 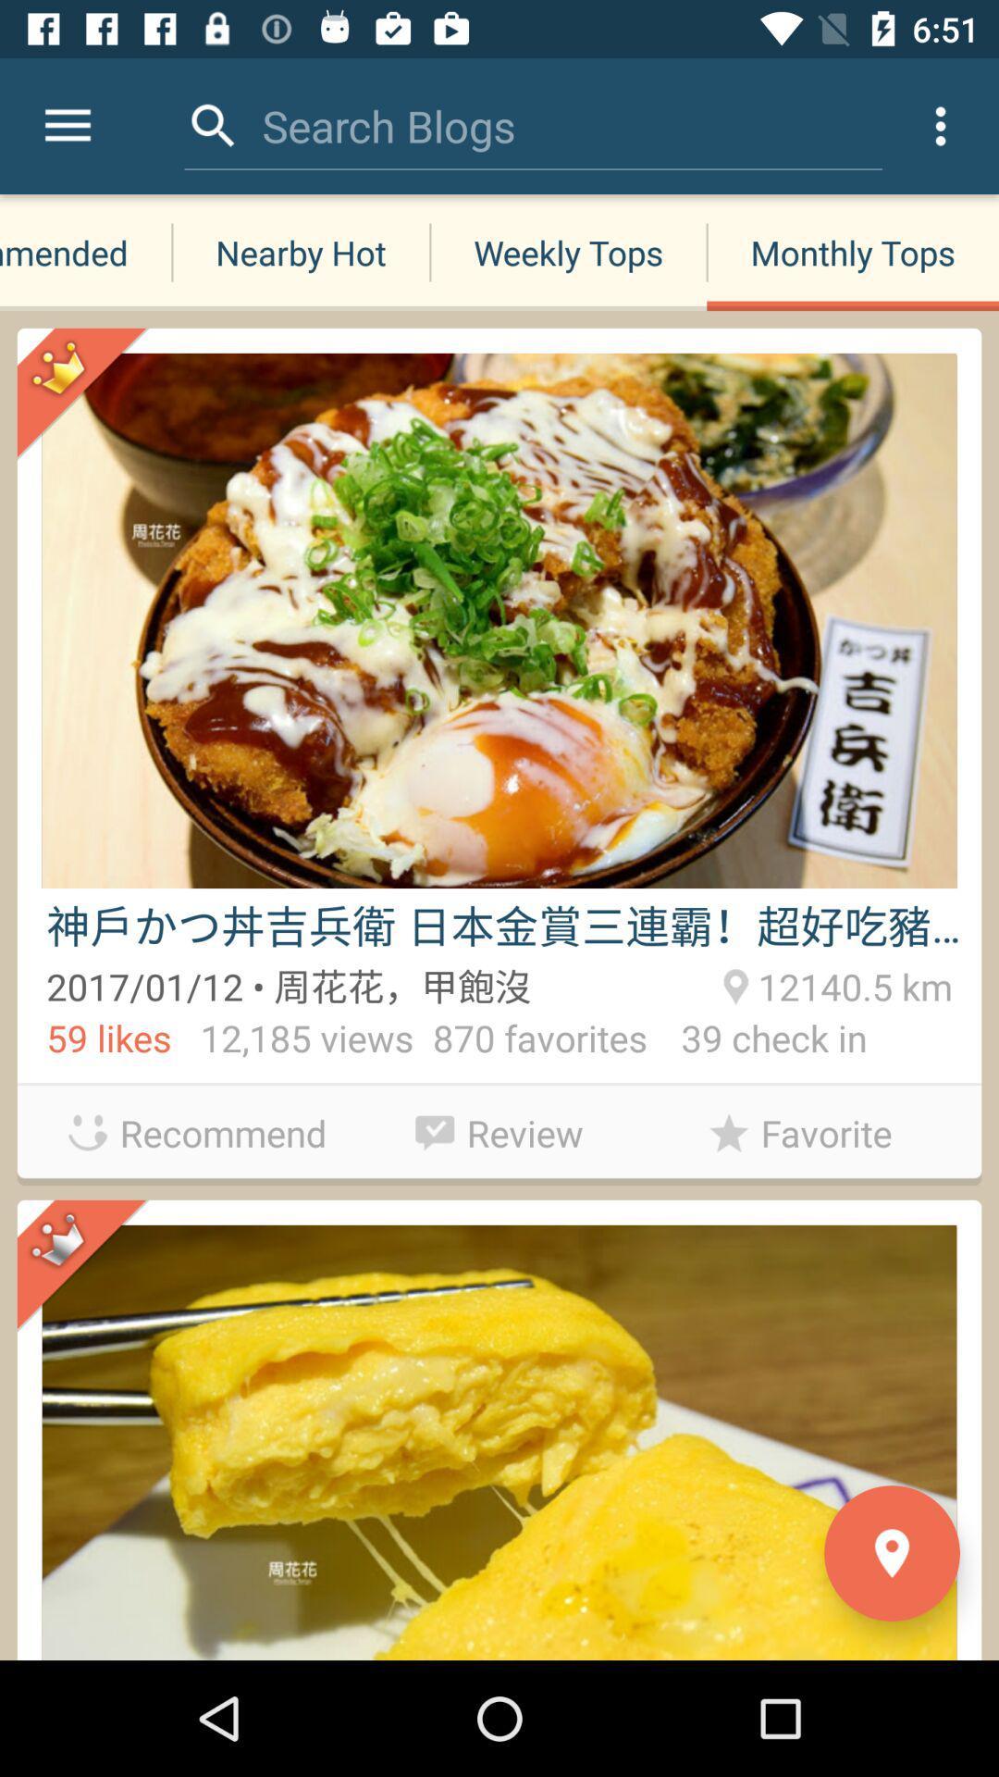 I want to click on app to the right of the recommend app, so click(x=499, y=1127).